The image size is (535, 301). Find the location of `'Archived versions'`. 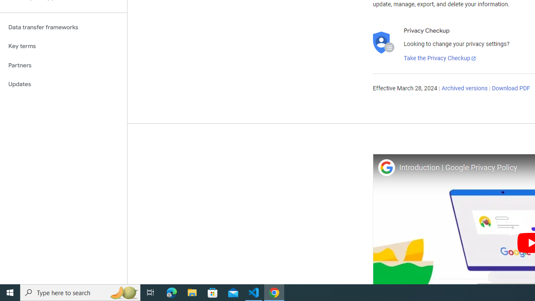

'Archived versions' is located at coordinates (464, 89).